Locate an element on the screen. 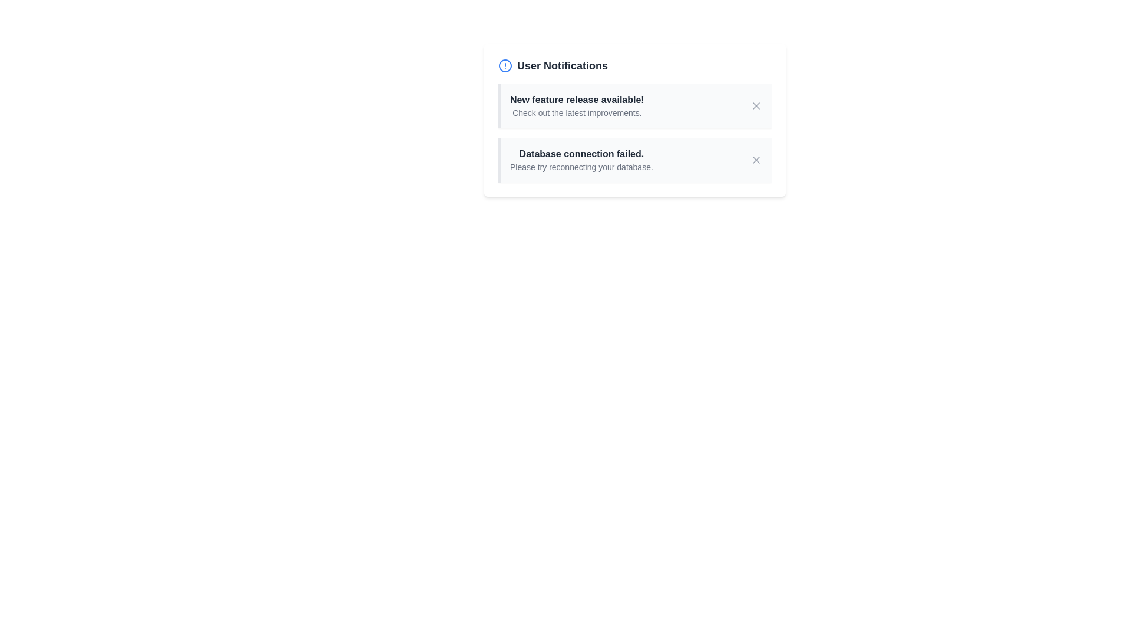  the Notification message component that displays 'Database connection failed.' in bold, dark gray font, followed by 'Please try reconnecting your database.' in smaller, lighter gray font is located at coordinates (581, 160).